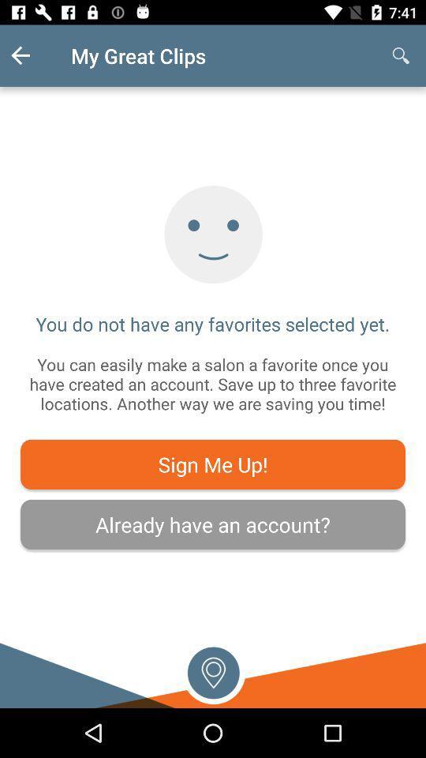  What do you see at coordinates (213, 670) in the screenshot?
I see `location icon` at bounding box center [213, 670].